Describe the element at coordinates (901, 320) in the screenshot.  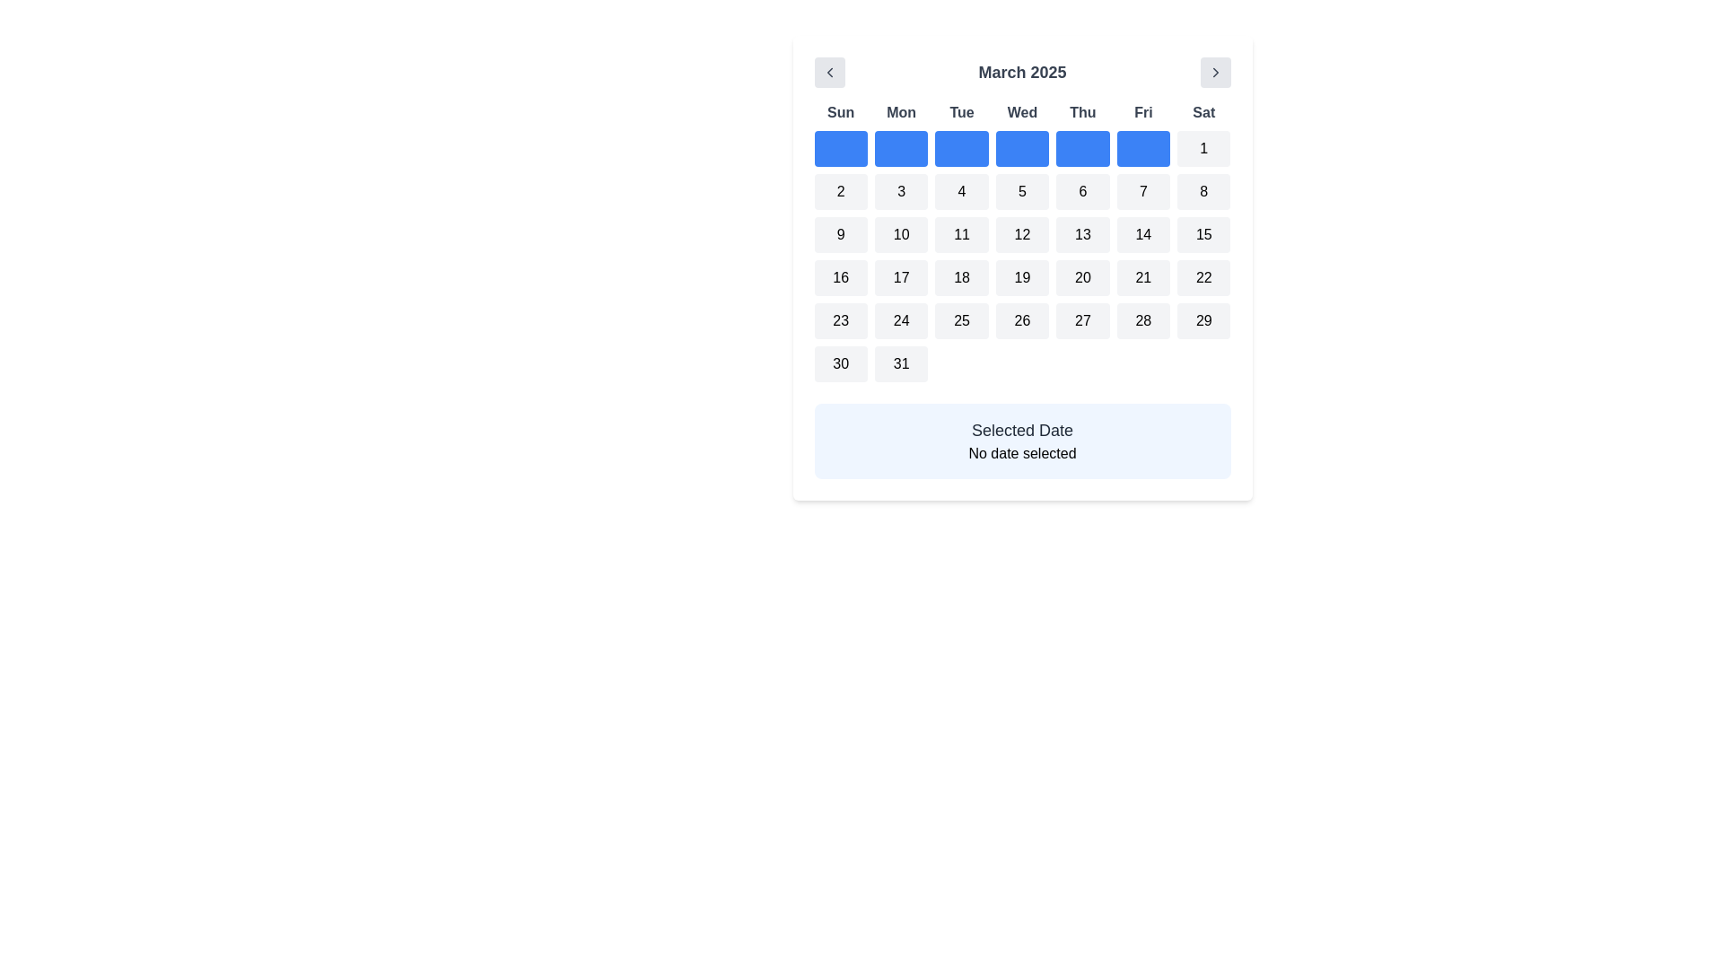
I see `the Calendar Day element displaying the number '24'` at that location.